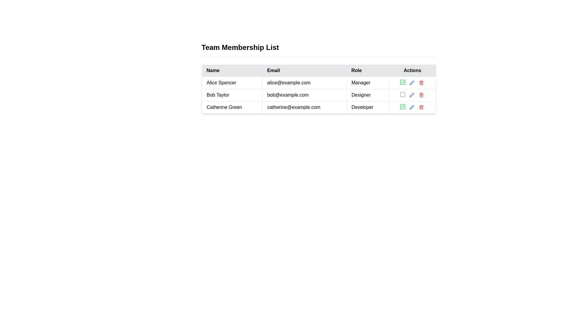 Image resolution: width=575 pixels, height=323 pixels. I want to click on the first action icon in the actions column for the row representing 'Bob Taylor', so click(403, 94).